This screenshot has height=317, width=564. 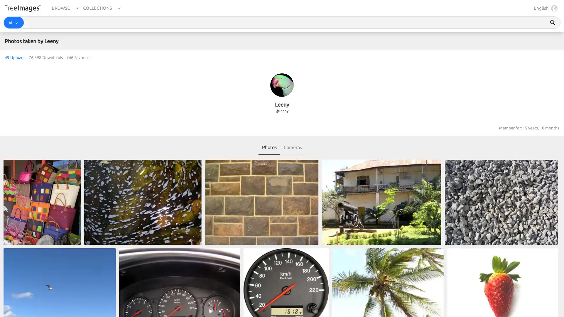 I want to click on Accept Cookies, so click(x=466, y=304).